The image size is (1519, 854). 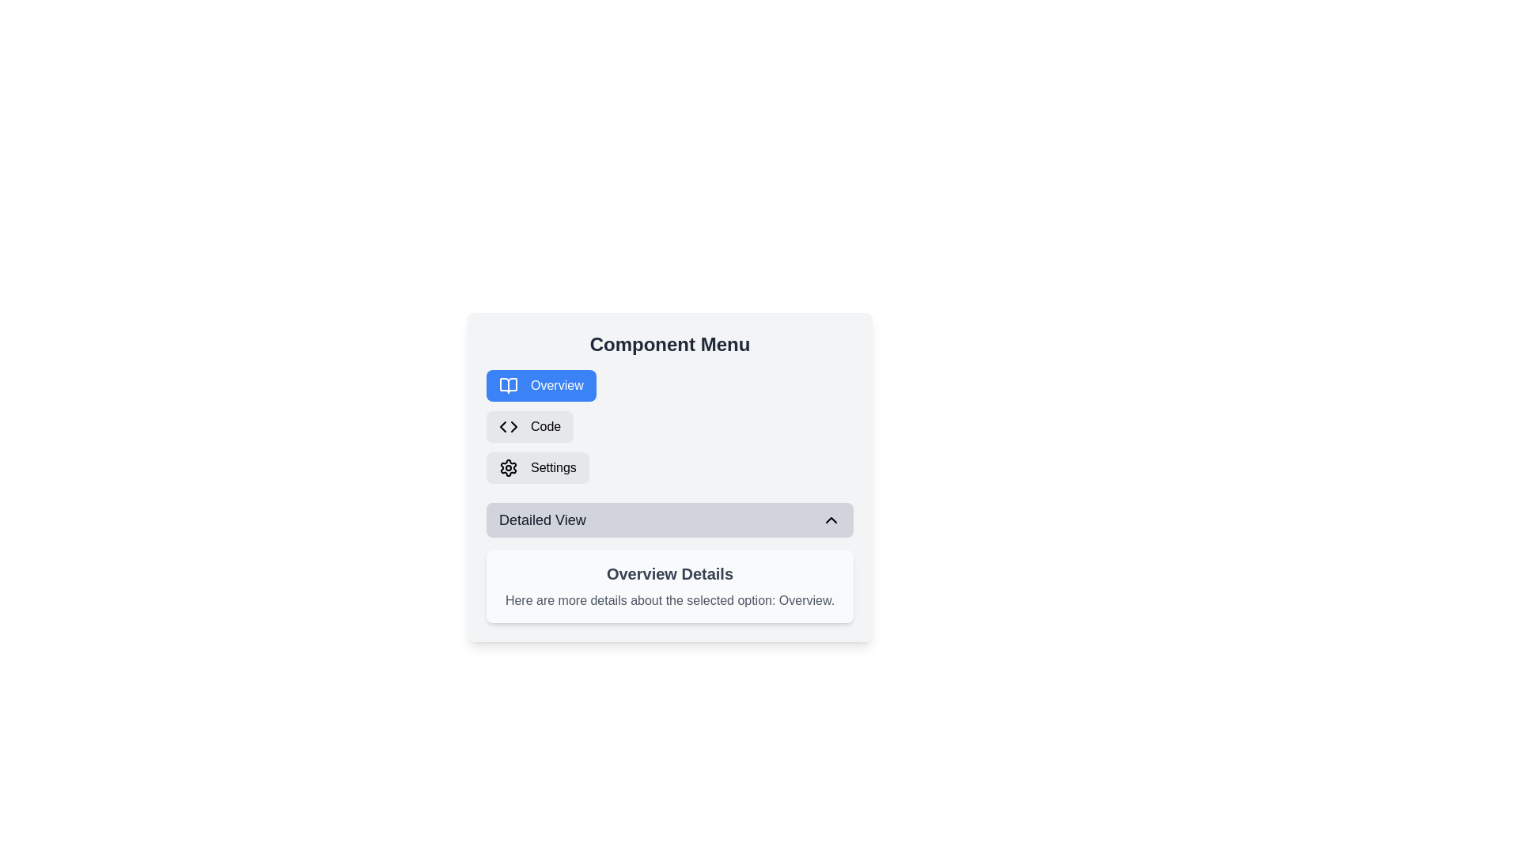 I want to click on the blue 'Overview' button, which has an icon of an open book and is located directly beneath the 'Component Menu' section heading, so click(x=541, y=386).